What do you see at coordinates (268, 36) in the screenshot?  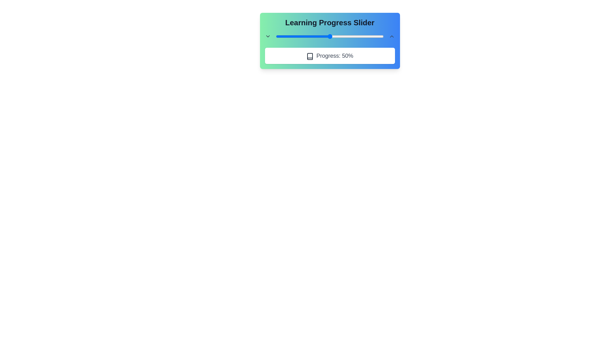 I see `the down arrow icon to expand the study material selector` at bounding box center [268, 36].